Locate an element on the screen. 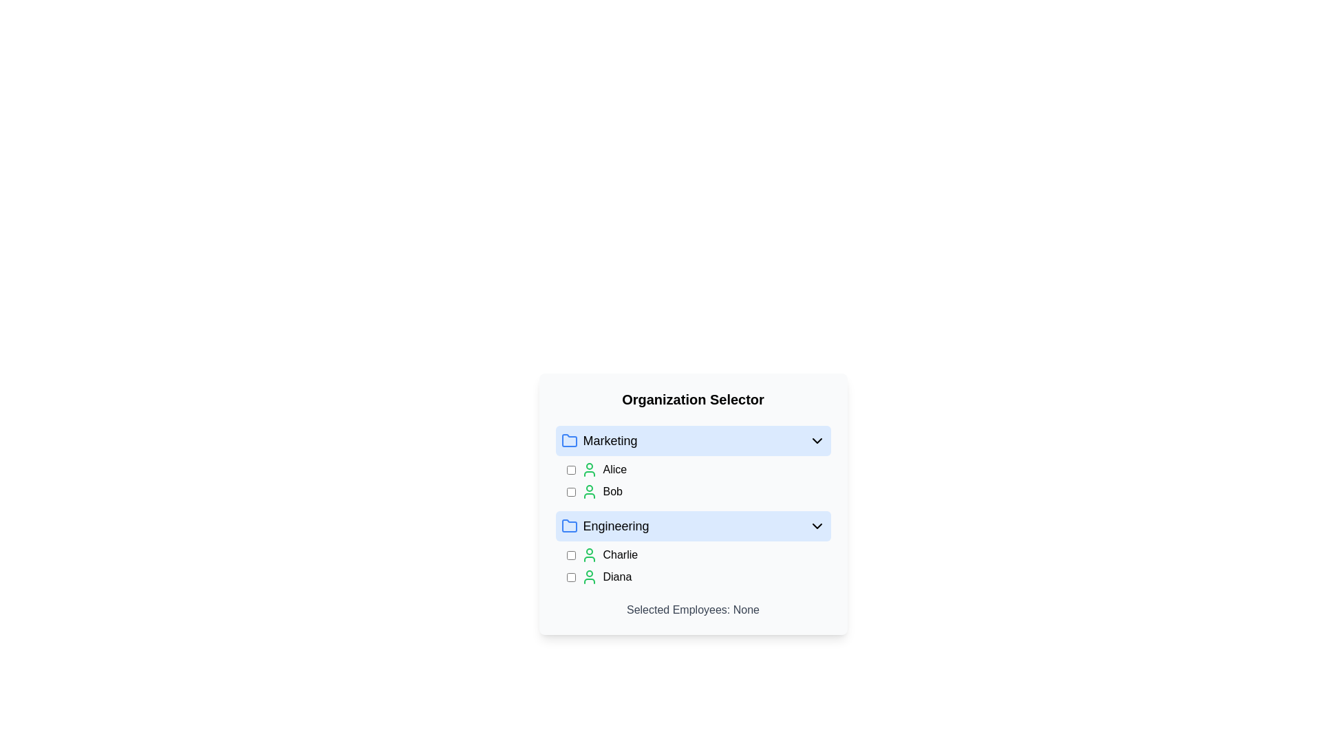 The image size is (1321, 743). the checkboxes within the collapsible section of the 'Engineering' group to check or uncheck individual selections is located at coordinates (693, 548).